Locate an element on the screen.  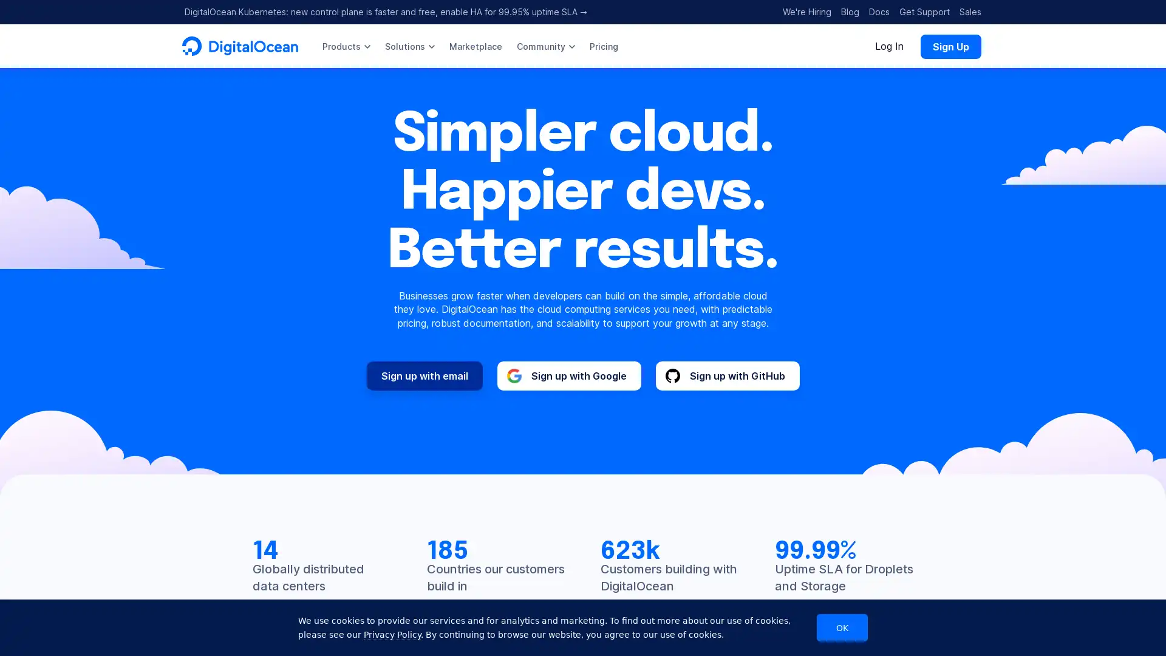
Log In is located at coordinates (889, 46).